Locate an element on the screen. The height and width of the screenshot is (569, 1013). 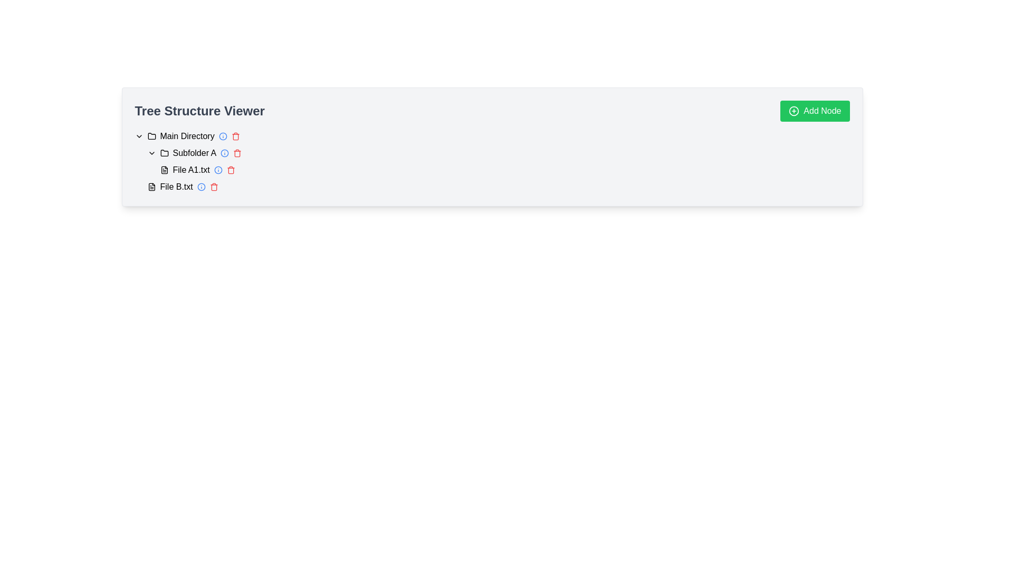
the Icon Button (Chevron) is located at coordinates (151, 153).